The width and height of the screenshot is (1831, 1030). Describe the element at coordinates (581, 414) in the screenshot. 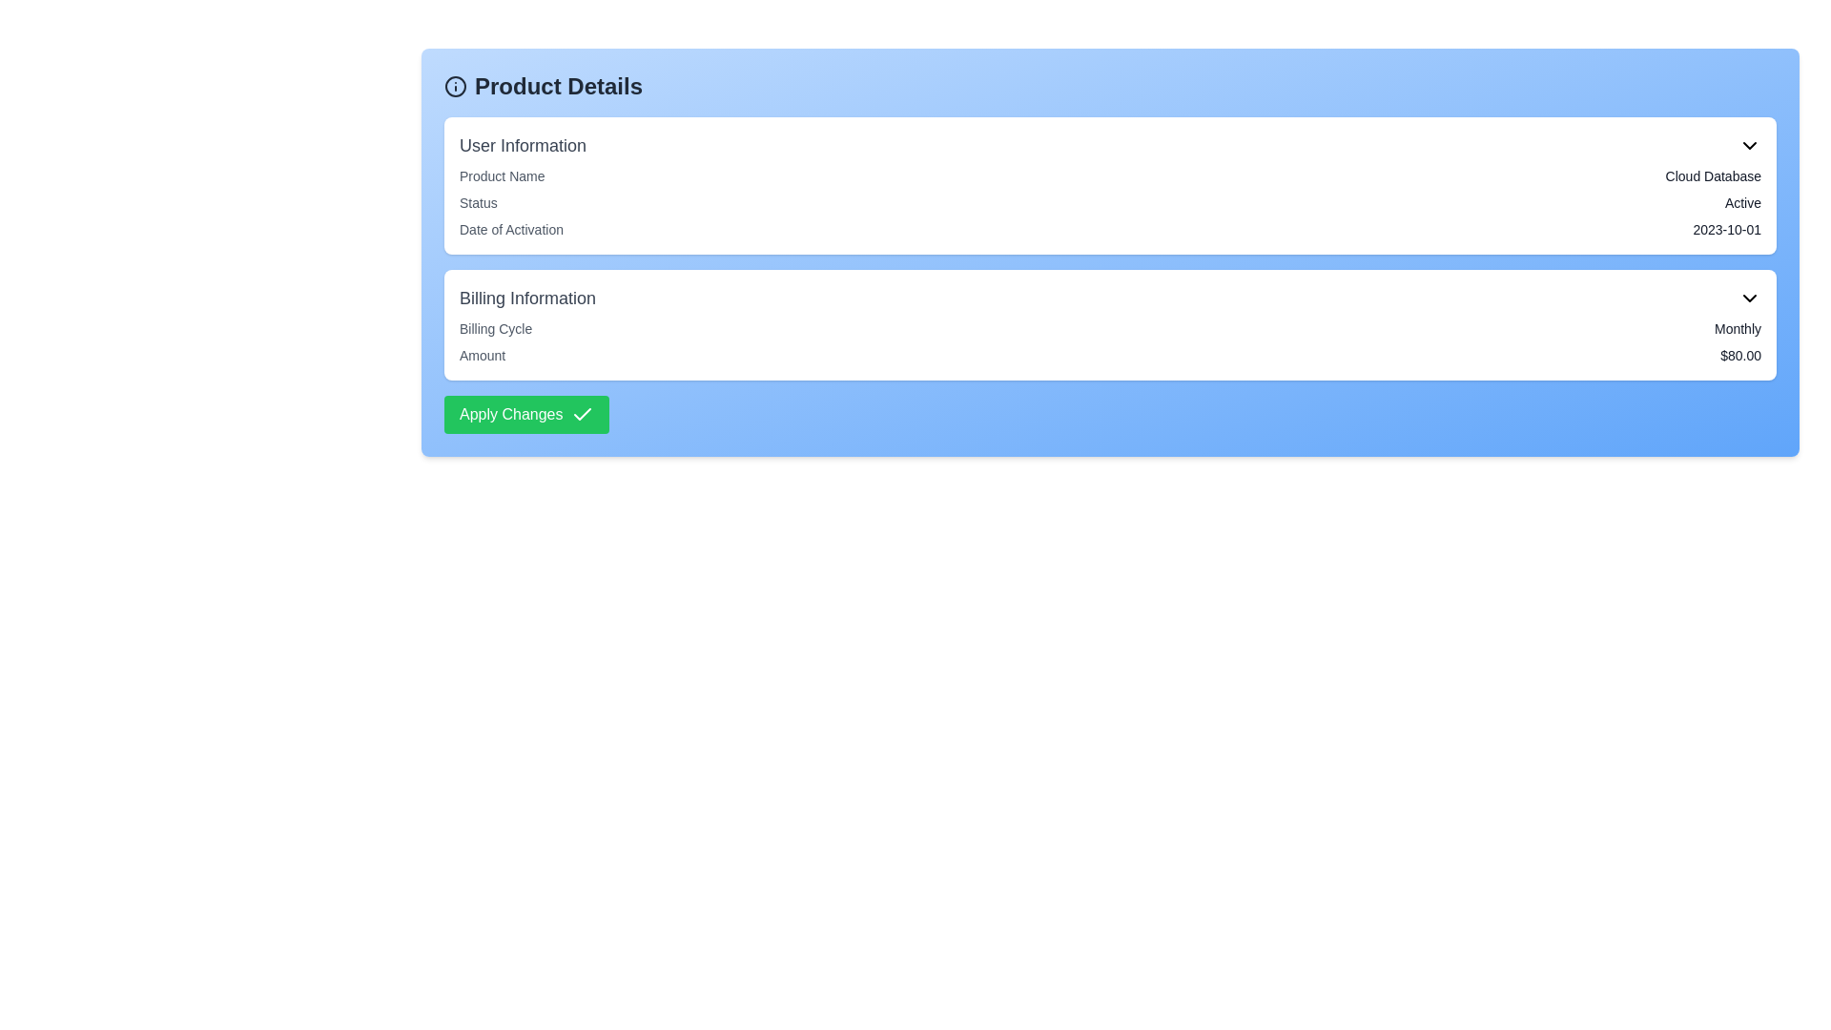

I see `the checkmark icon located at the right edge of the 'Apply Changes' button` at that location.